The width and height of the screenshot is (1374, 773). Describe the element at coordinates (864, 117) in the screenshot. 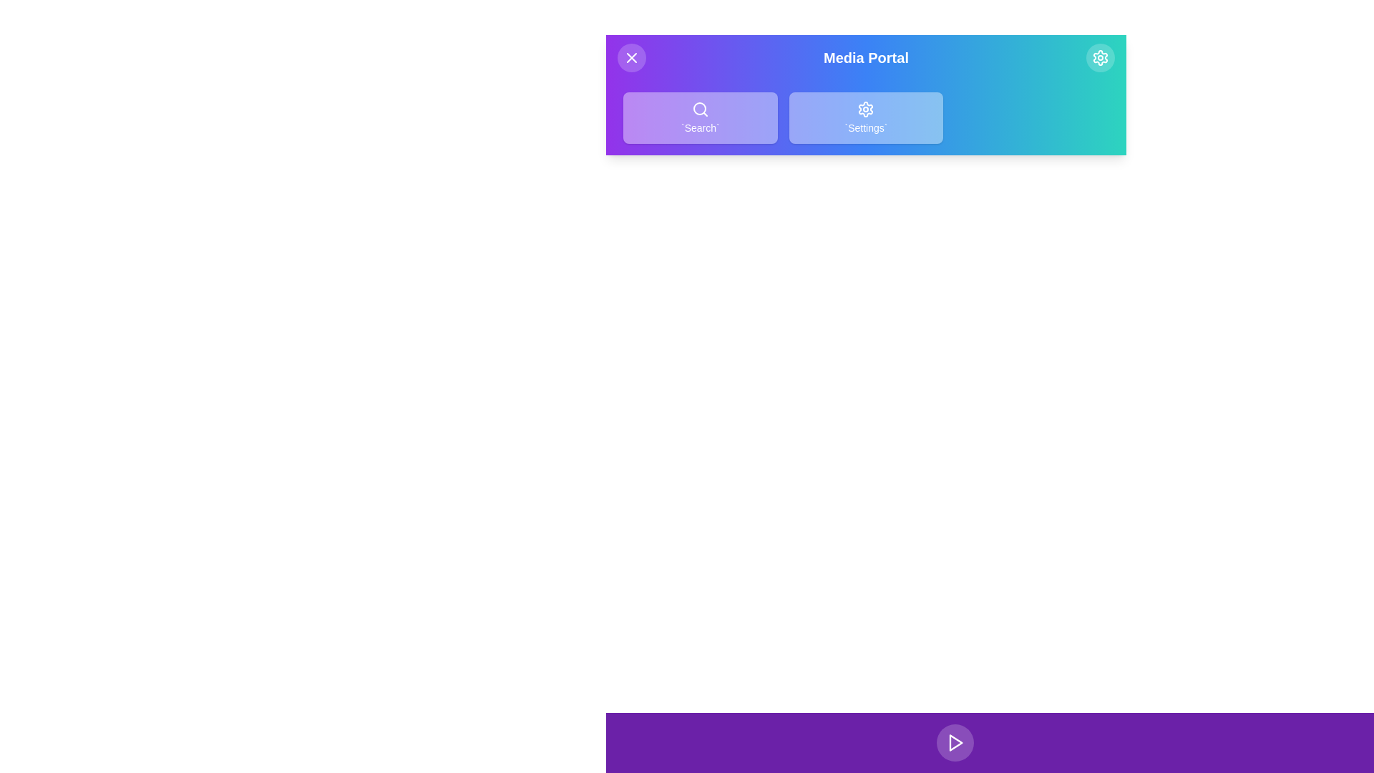

I see `the 'Settings' button to navigate to the 'Settings' section` at that location.